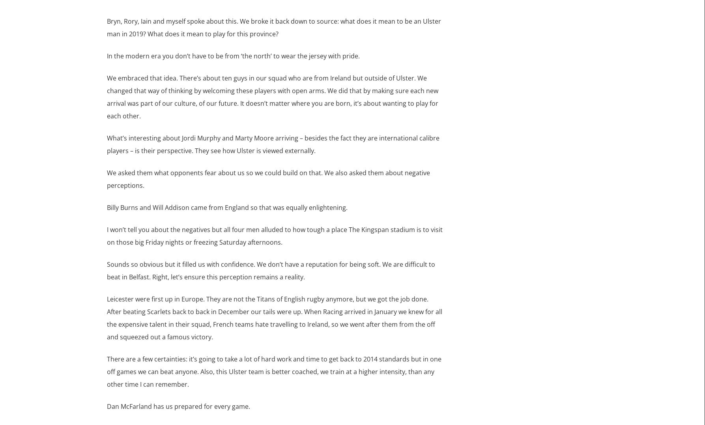 This screenshot has height=425, width=705. Describe the element at coordinates (270, 270) in the screenshot. I see `'Sounds so obvious but it filled us with confidence. We don’t have a reputation for being soft. We are difficult to beat in Belfast. Right, let’s ensure this perception remains a reality.'` at that location.